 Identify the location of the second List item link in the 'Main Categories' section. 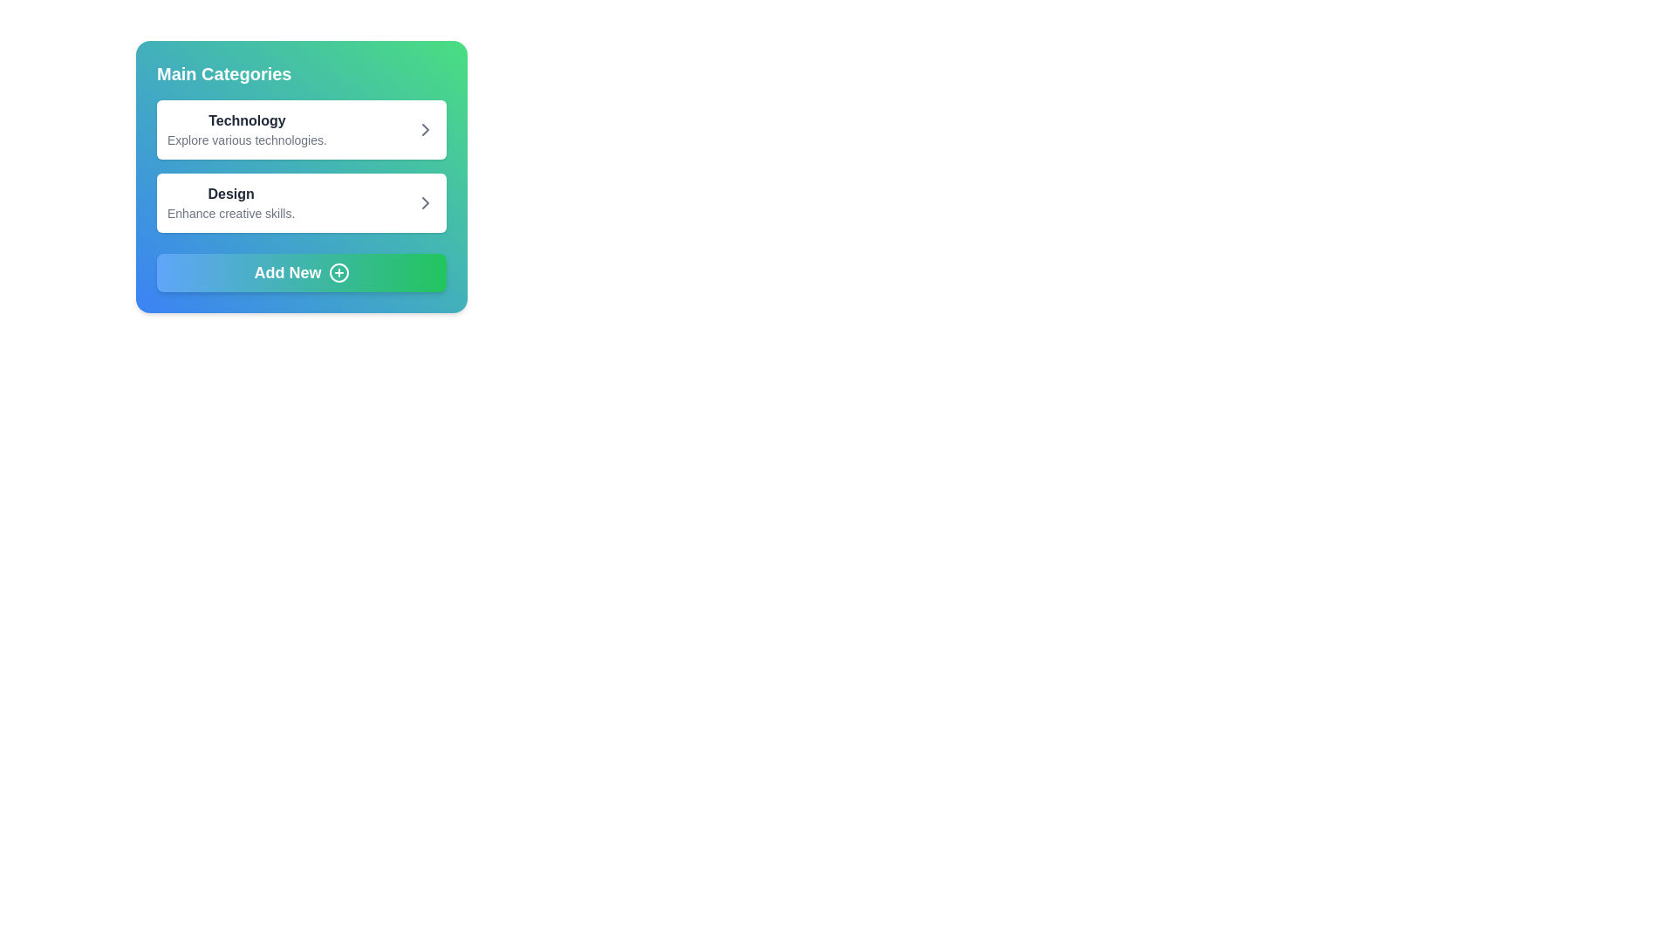
(301, 201).